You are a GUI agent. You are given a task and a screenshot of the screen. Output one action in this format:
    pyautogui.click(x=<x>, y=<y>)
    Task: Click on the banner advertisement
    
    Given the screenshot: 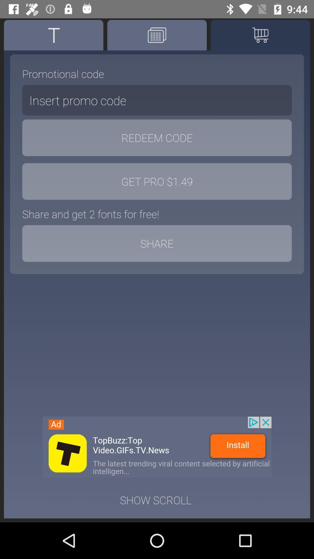 What is the action you would take?
    pyautogui.click(x=157, y=447)
    